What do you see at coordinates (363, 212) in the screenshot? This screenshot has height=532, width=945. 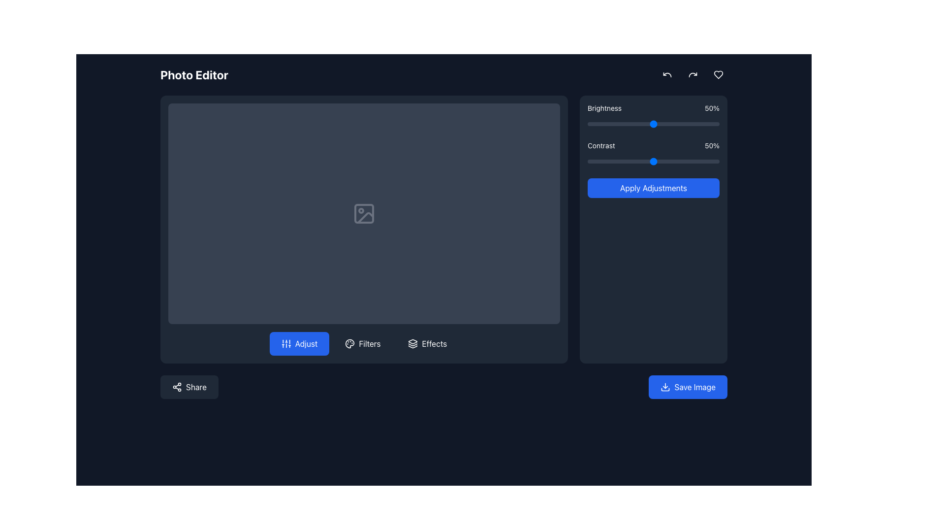 I see `the Content placeholder located prominently in the center of the left panel of the interface, which serves as a preview for photo editing content` at bounding box center [363, 212].